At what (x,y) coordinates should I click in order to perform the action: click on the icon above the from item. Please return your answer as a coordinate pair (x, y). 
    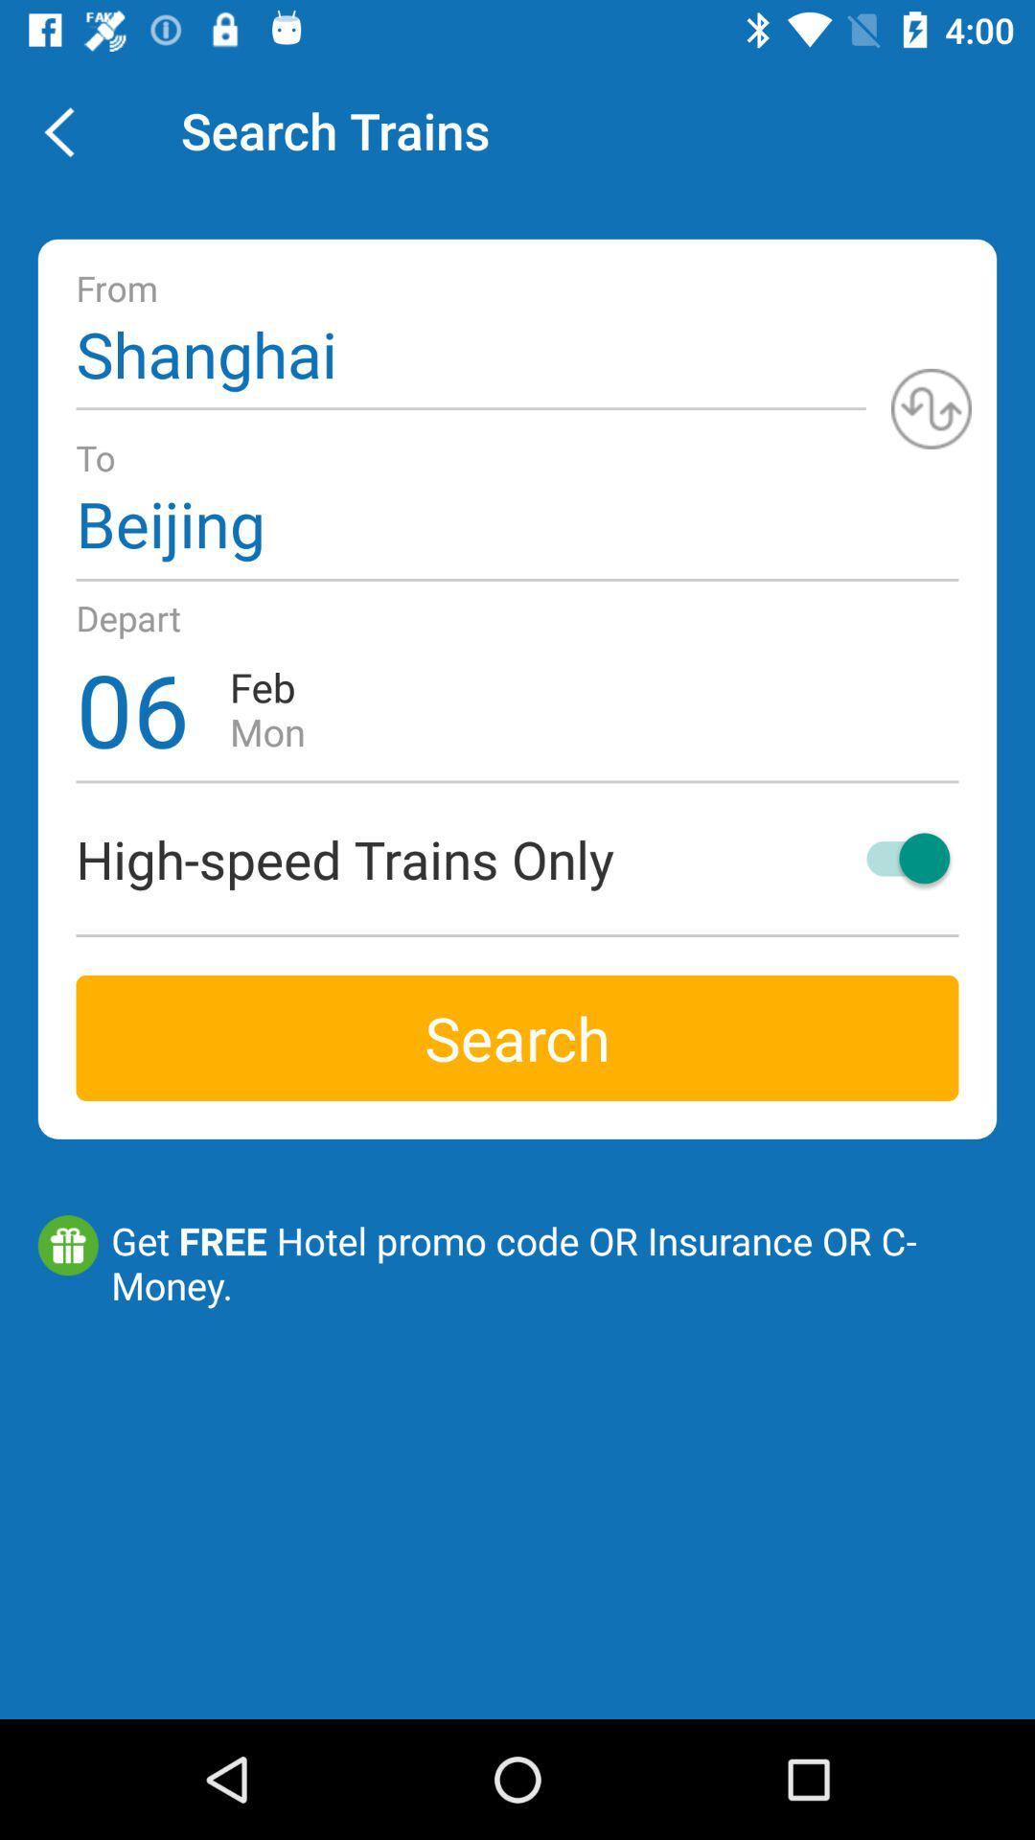
    Looking at the image, I should click on (69, 129).